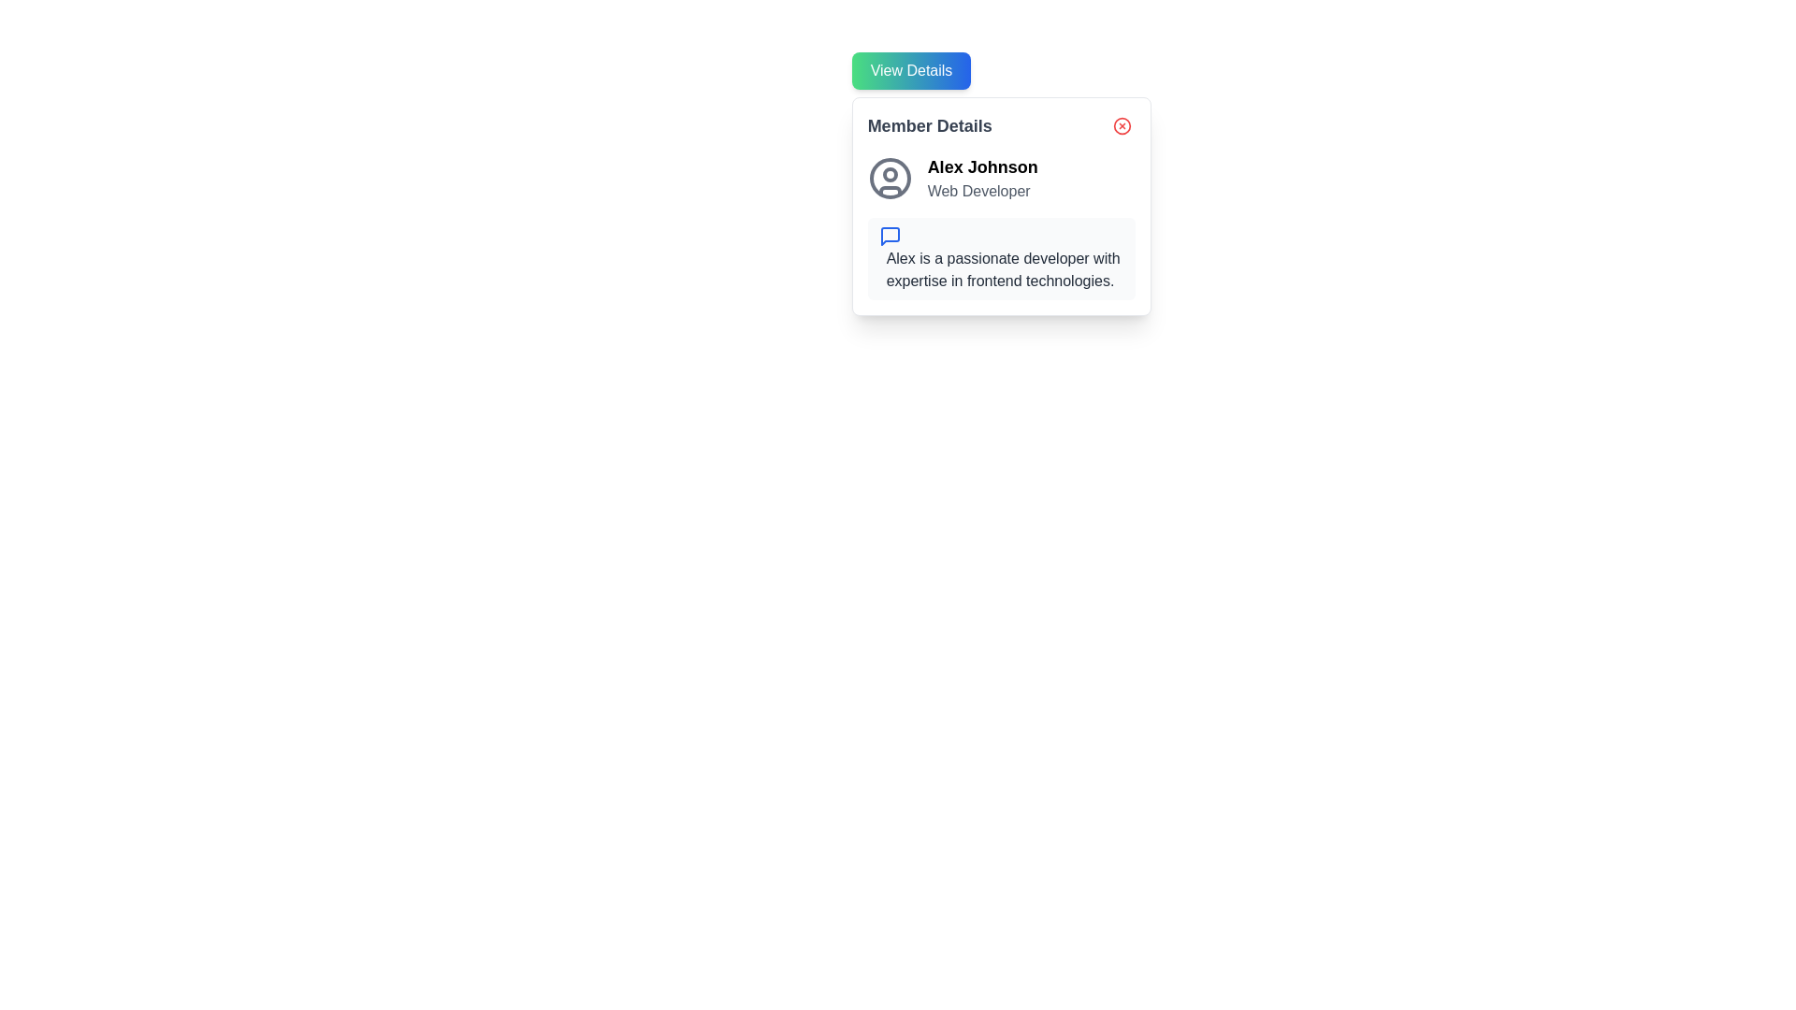  Describe the element at coordinates (1000, 259) in the screenshot. I see `the informational text section with a gray background and blue chat bubble icon that describes 'Alex is a passionate developer with expertise in frontend technologies.'` at that location.